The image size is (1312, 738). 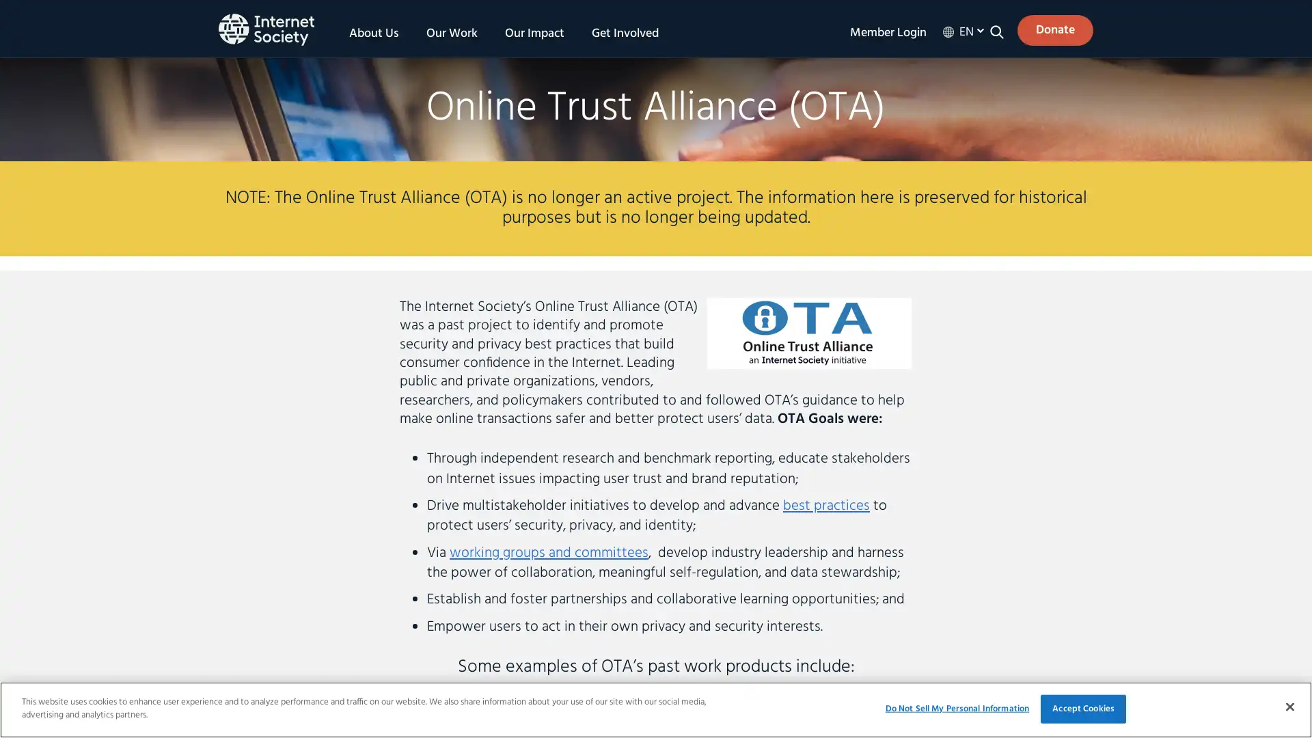 I want to click on Accept Cookies, so click(x=1082, y=708).